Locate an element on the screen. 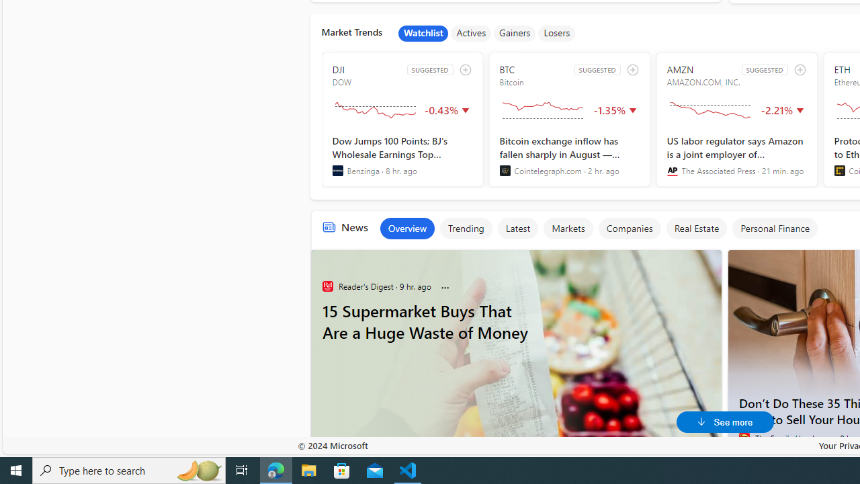 Image resolution: width=860 pixels, height=484 pixels. 'Gainers' is located at coordinates (514, 33).